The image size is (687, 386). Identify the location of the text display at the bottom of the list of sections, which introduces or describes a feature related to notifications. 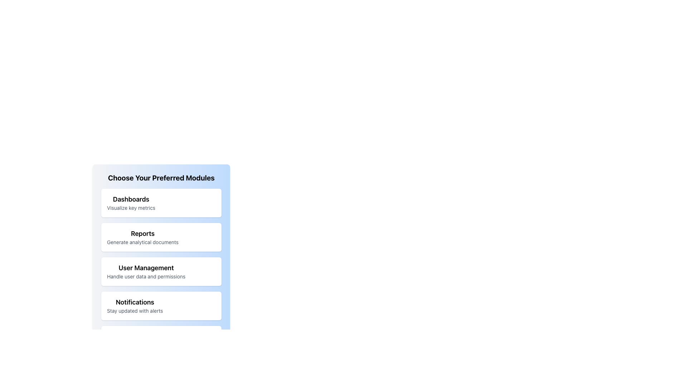
(135, 306).